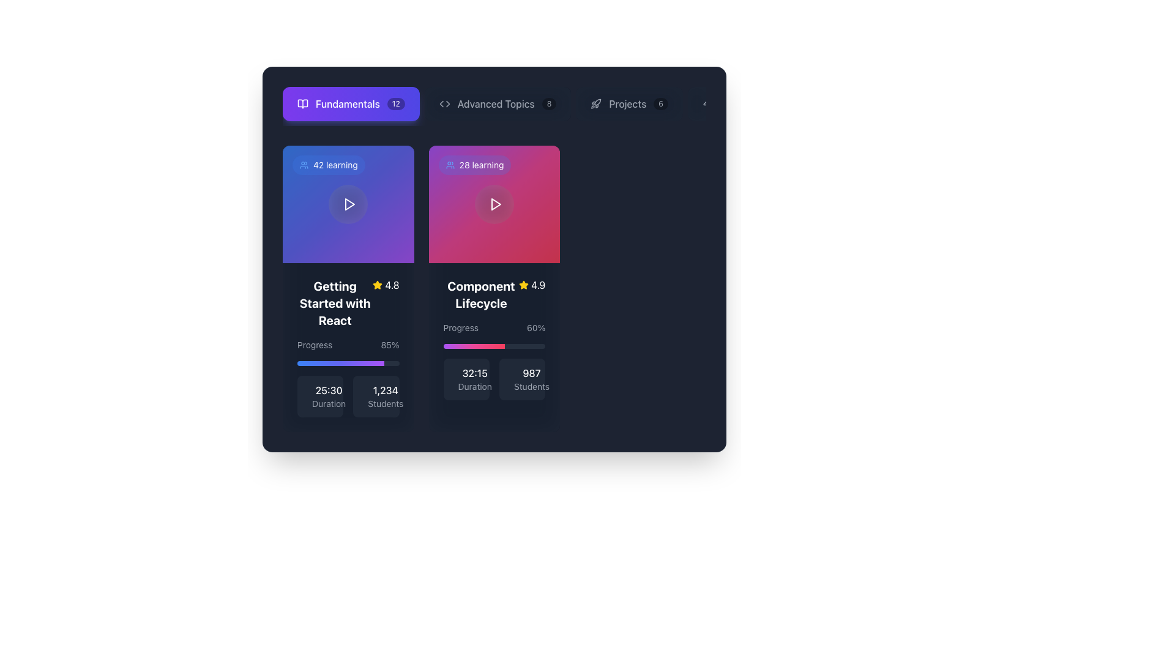 The image size is (1175, 661). What do you see at coordinates (320, 397) in the screenshot?
I see `duration information displayed in the informational label located in the bottom-left of the card layout, aligned horizontally with the '1,234 Students' label` at bounding box center [320, 397].